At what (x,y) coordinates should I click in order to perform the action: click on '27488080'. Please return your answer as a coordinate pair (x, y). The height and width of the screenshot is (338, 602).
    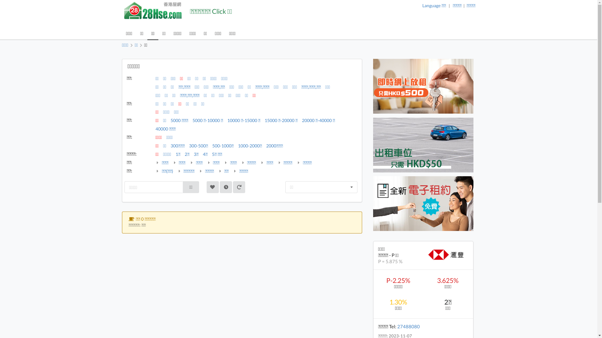
    Looking at the image, I should click on (397, 326).